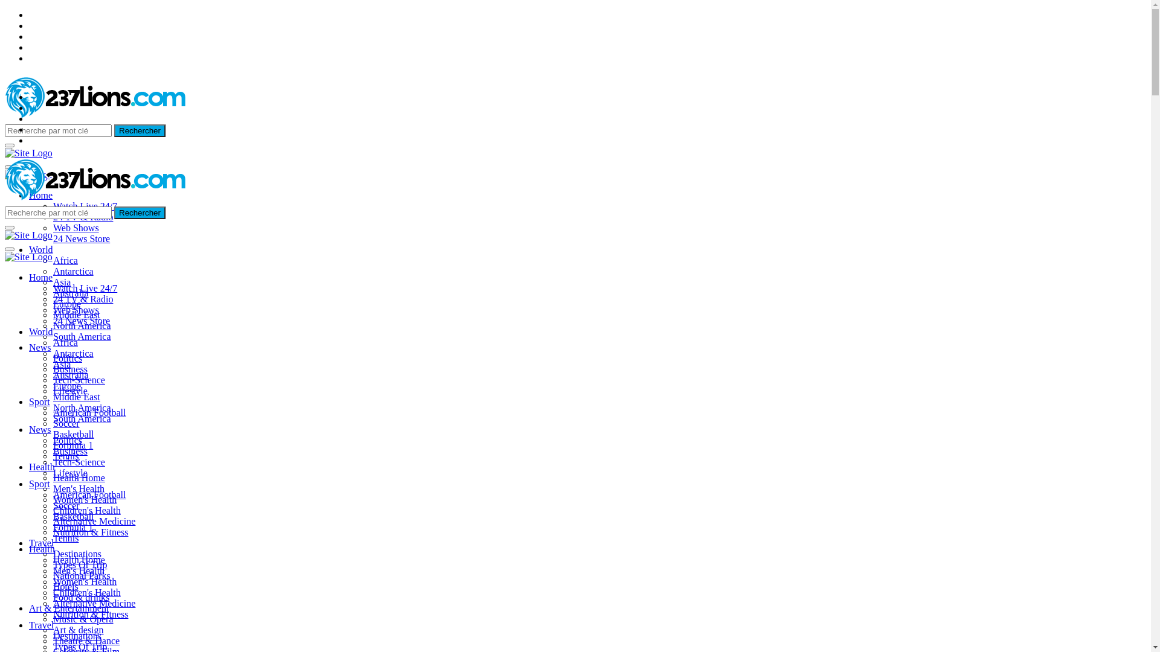  Describe the element at coordinates (72, 353) in the screenshot. I see `'Antarctica'` at that location.